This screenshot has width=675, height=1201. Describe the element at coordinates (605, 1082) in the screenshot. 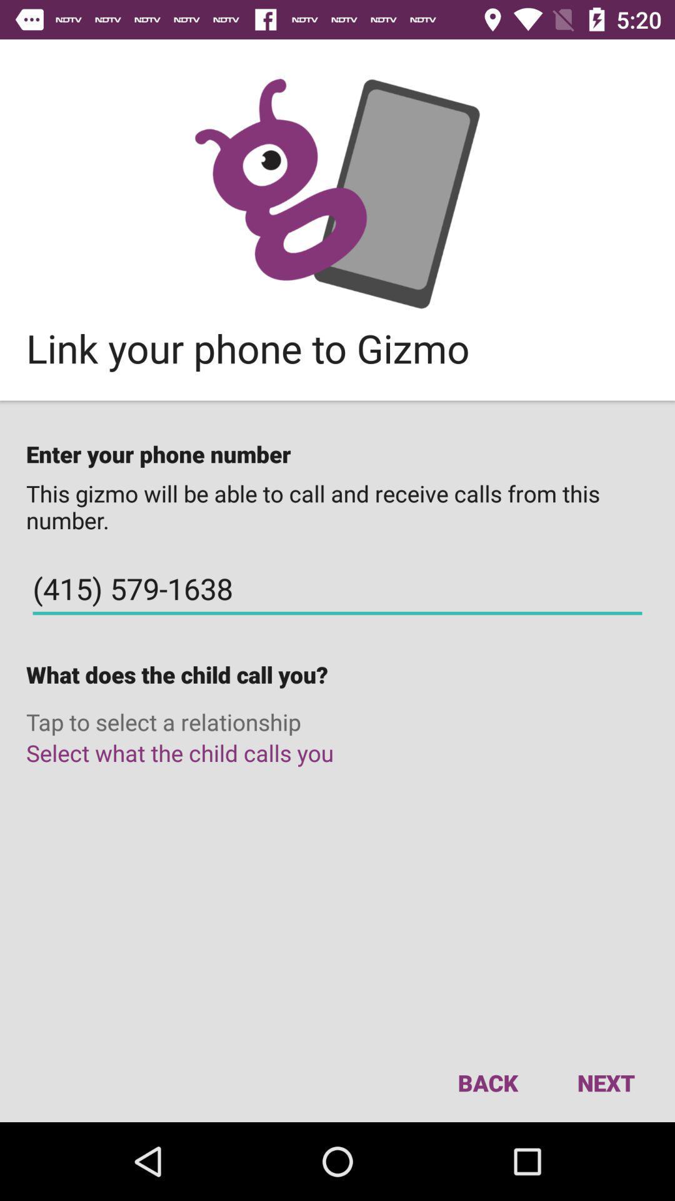

I see `next icon` at that location.